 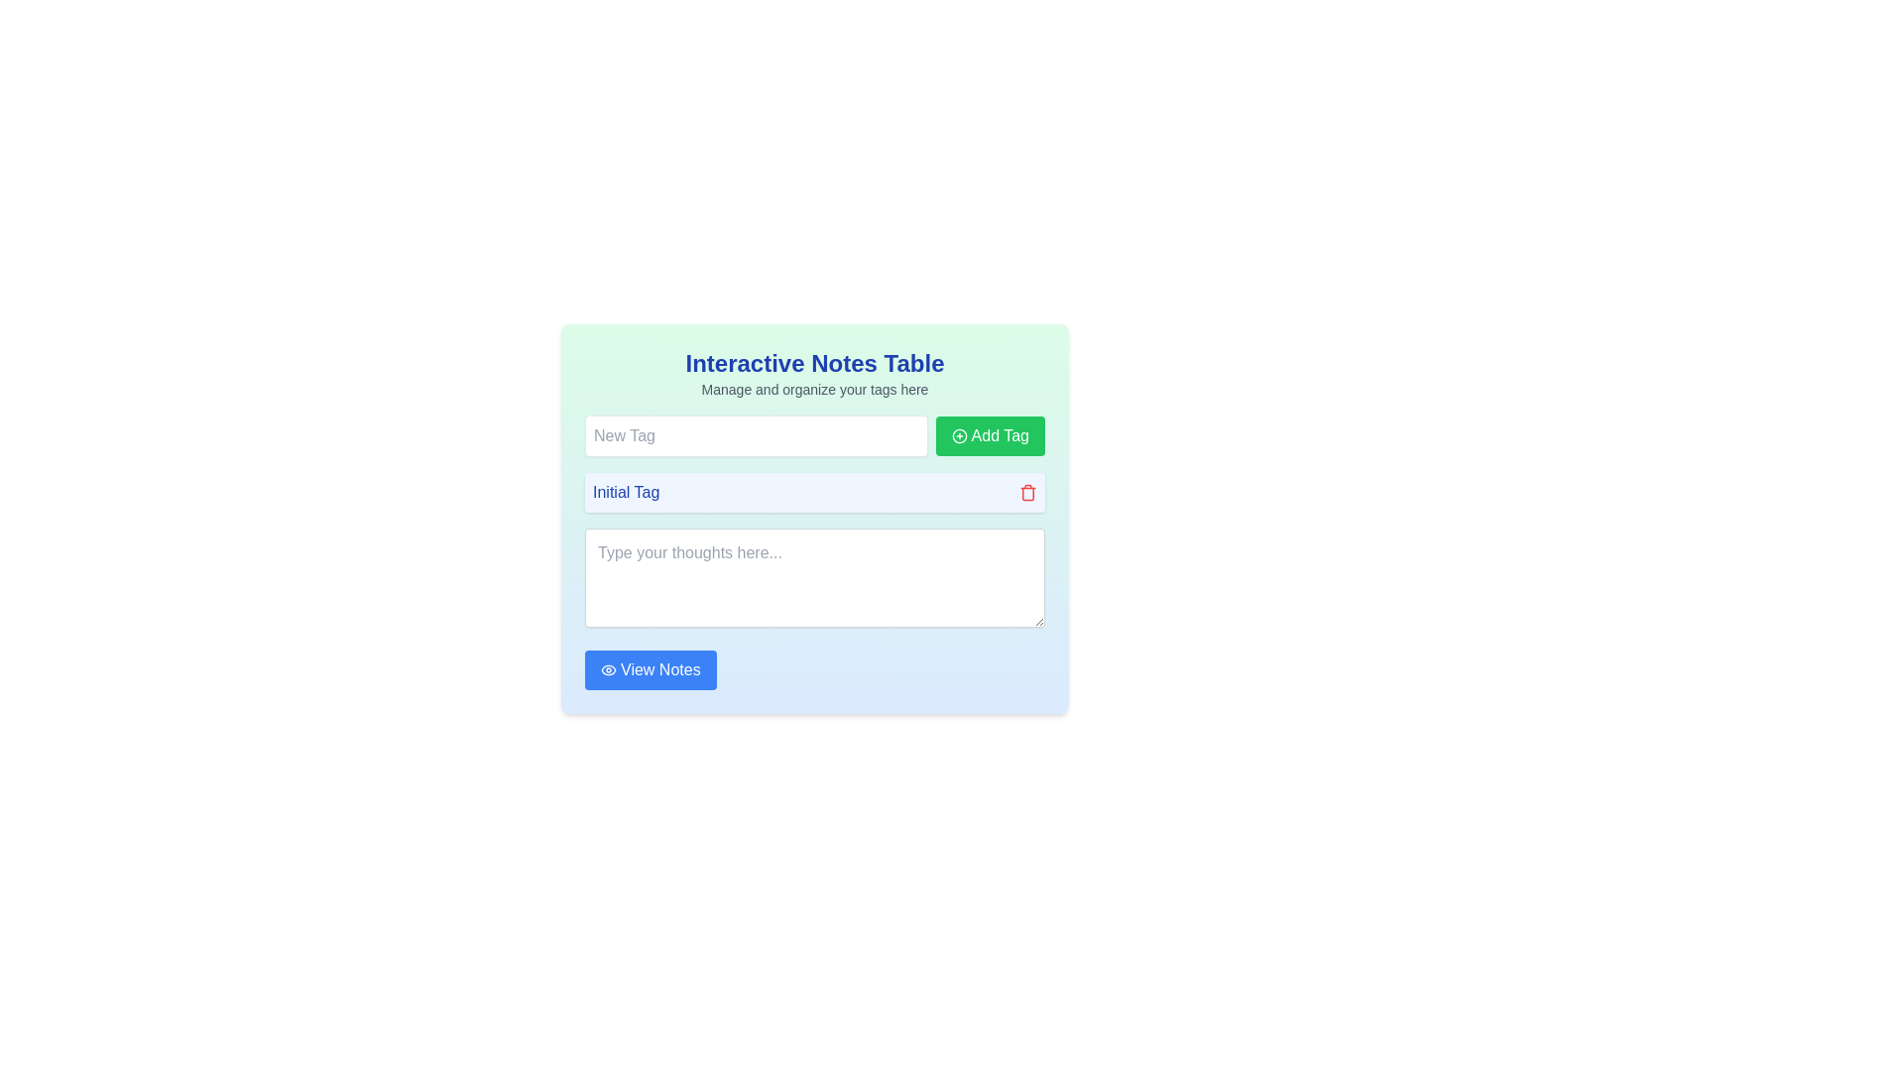 I want to click on the button positioned to the right of the 'New Tag' text input field, so click(x=990, y=434).